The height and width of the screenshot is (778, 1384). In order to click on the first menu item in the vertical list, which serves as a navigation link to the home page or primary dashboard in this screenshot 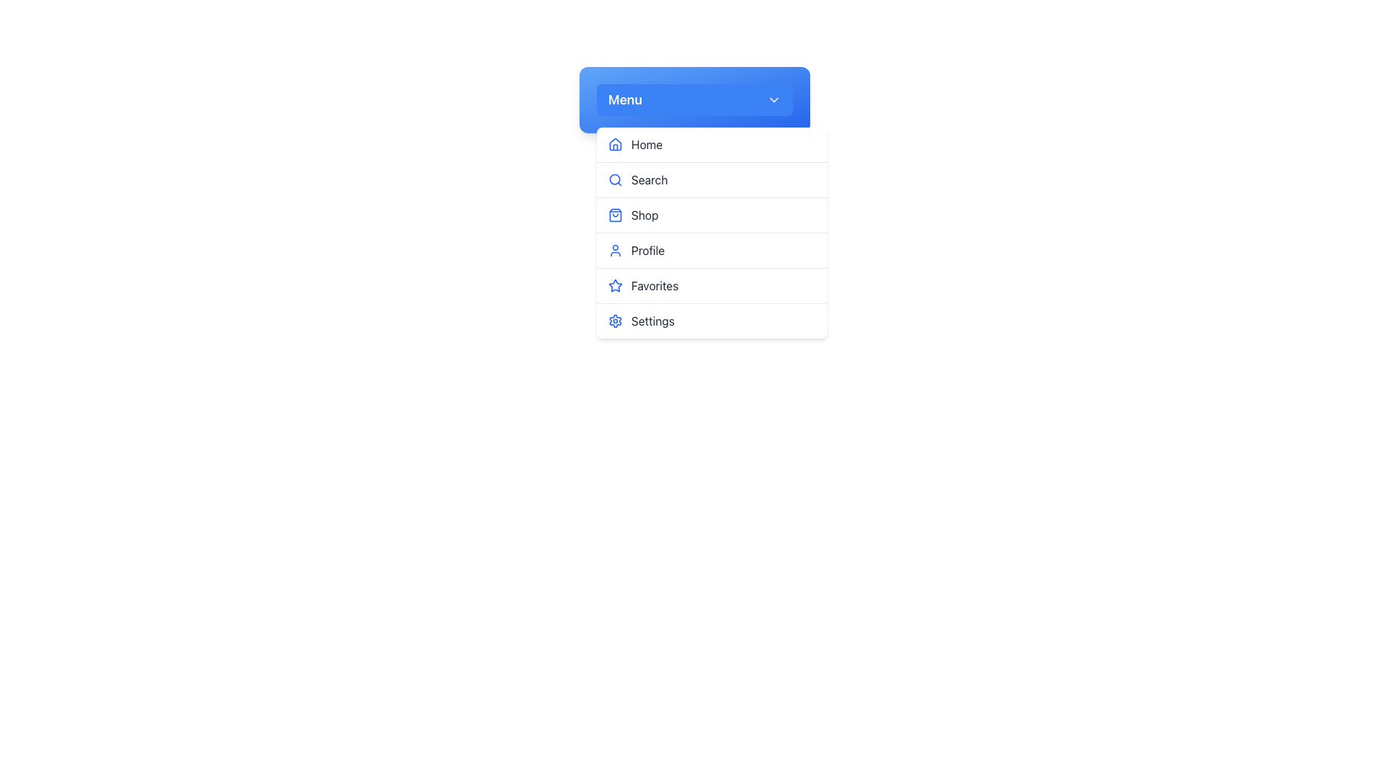, I will do `click(712, 144)`.